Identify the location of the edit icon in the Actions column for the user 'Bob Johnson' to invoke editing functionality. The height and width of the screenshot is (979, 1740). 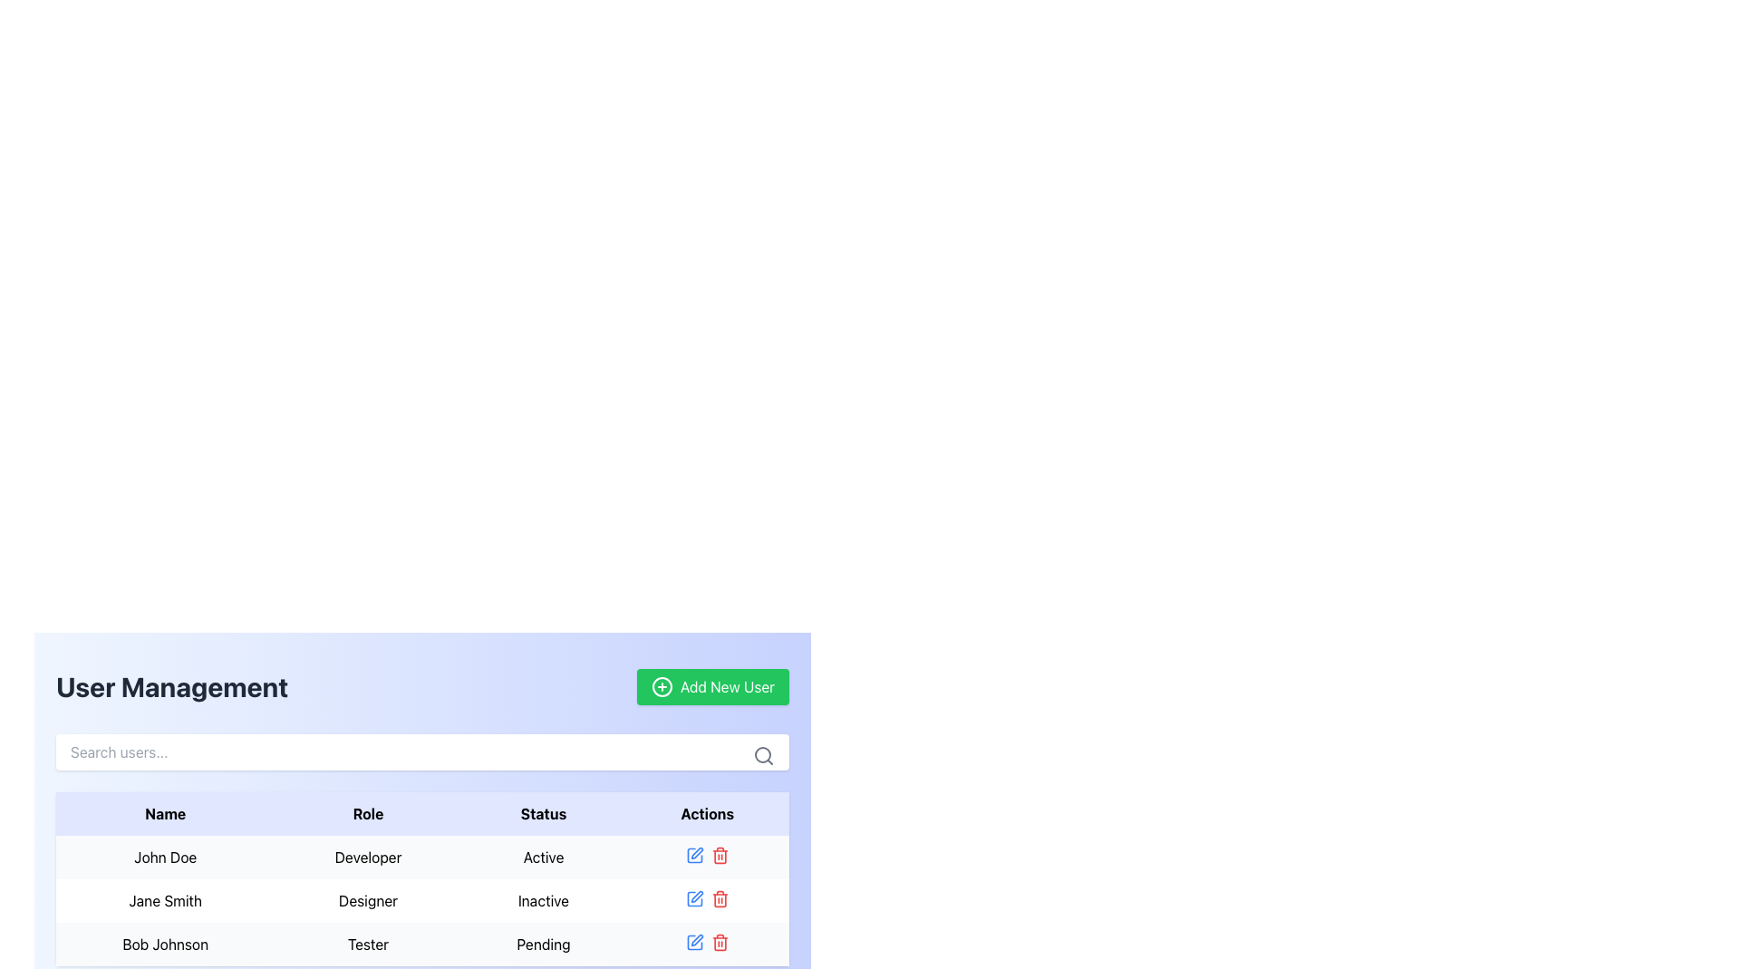
(706, 942).